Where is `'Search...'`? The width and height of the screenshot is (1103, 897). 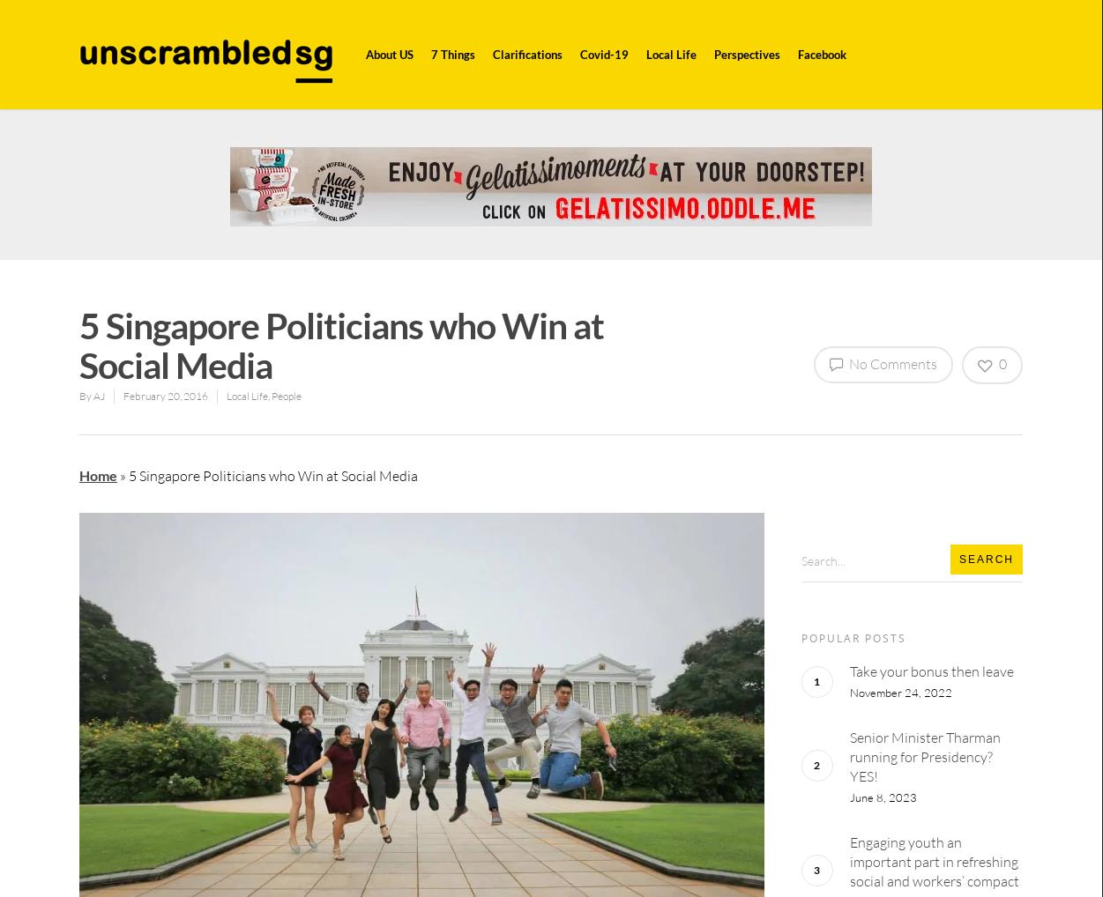 'Search...' is located at coordinates (821, 559).